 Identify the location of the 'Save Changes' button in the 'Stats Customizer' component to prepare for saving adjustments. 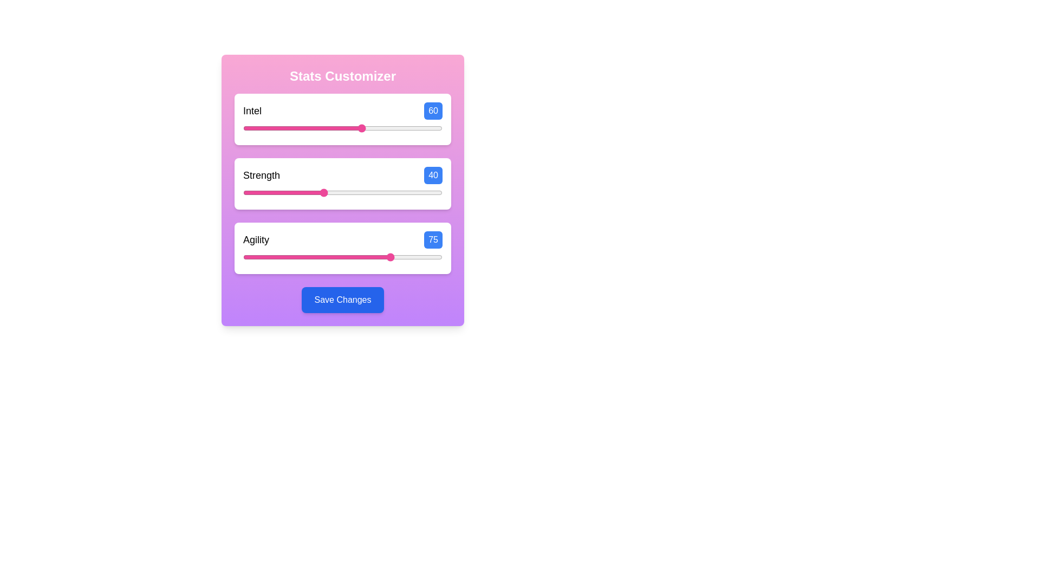
(342, 190).